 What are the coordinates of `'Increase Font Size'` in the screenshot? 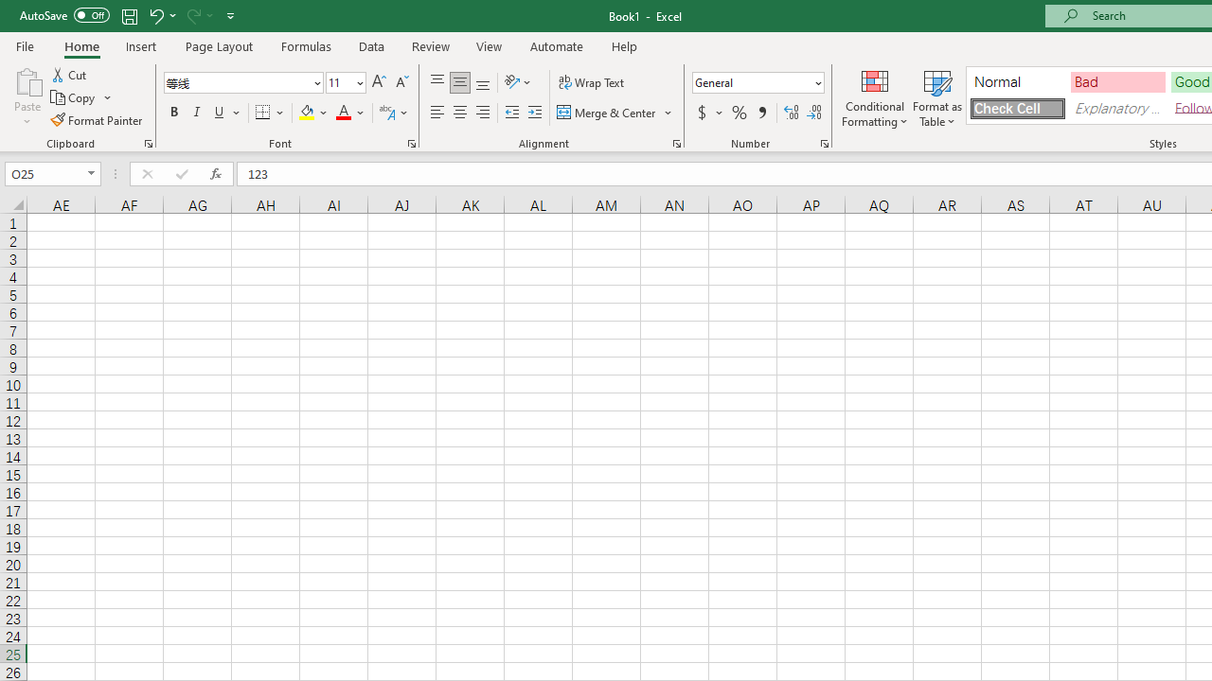 It's located at (379, 81).